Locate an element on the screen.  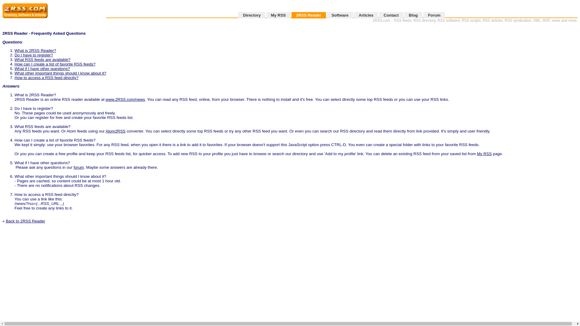
'forum' is located at coordinates (78, 167).